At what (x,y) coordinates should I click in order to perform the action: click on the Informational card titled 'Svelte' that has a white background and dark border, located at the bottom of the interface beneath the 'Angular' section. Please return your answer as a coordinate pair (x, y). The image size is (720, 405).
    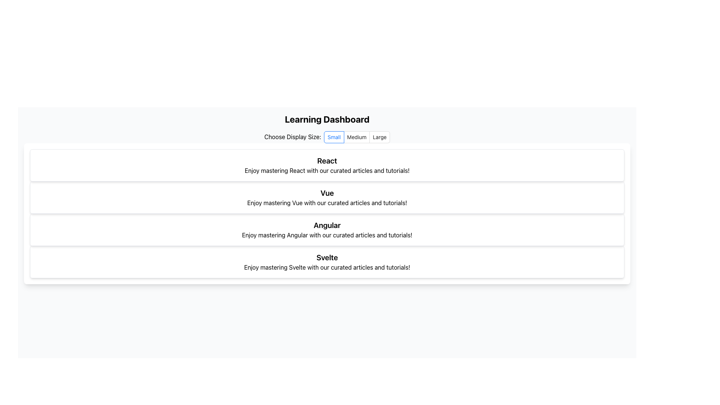
    Looking at the image, I should click on (327, 261).